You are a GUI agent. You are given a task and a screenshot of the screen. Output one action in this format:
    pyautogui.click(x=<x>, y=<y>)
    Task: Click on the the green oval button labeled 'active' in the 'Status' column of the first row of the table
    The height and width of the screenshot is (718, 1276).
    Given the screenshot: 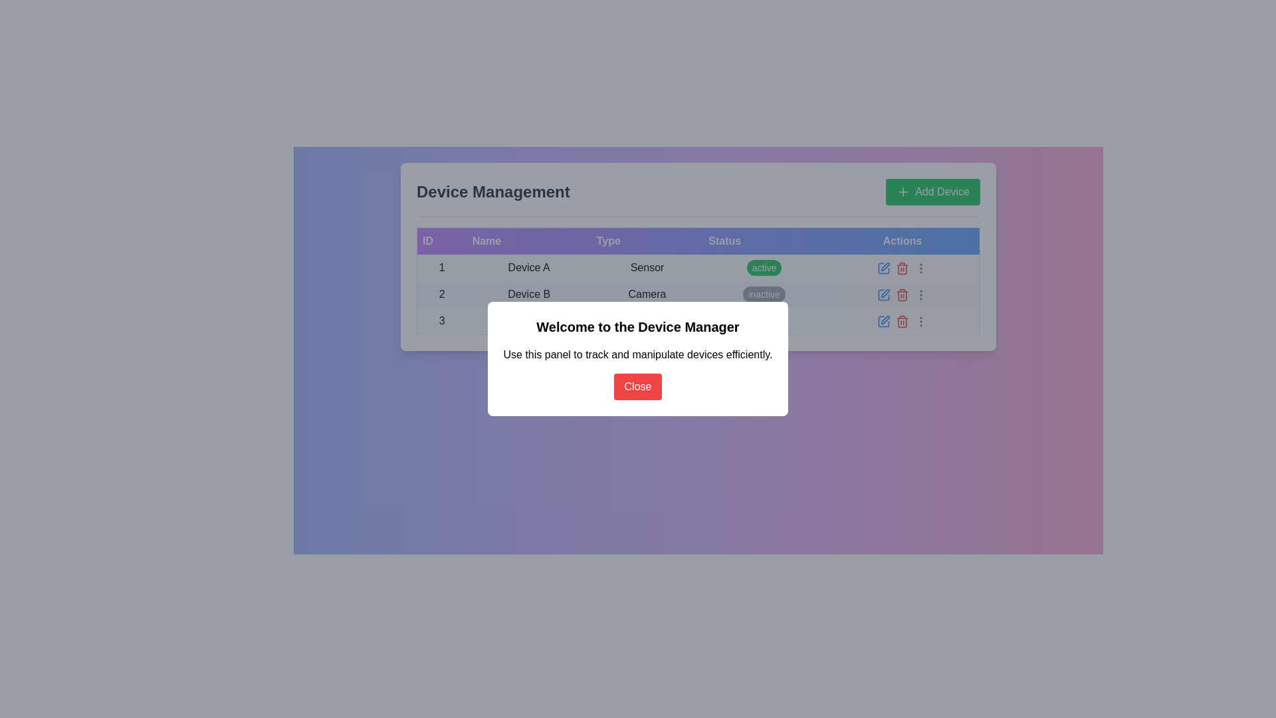 What is the action you would take?
    pyautogui.click(x=764, y=267)
    